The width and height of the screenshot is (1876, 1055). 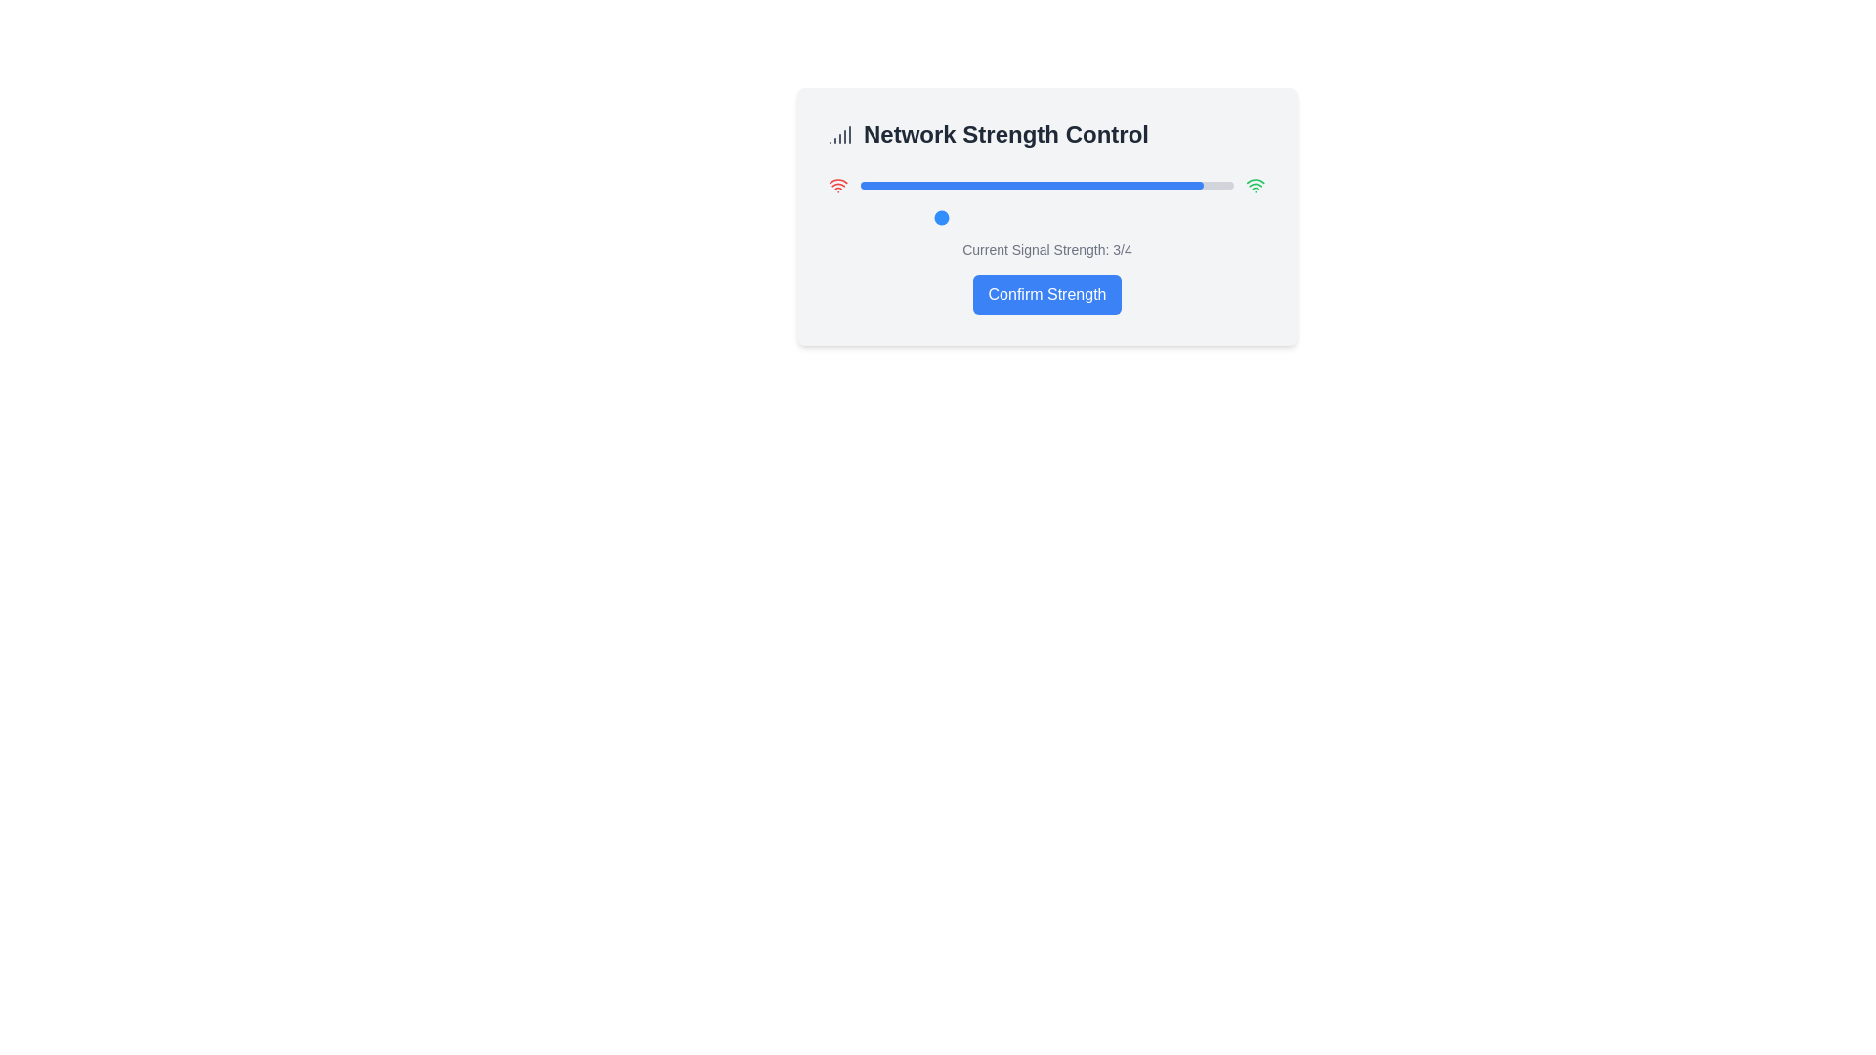 I want to click on 'Confirm Strength' button to confirm the selected network strength, so click(x=1045, y=294).